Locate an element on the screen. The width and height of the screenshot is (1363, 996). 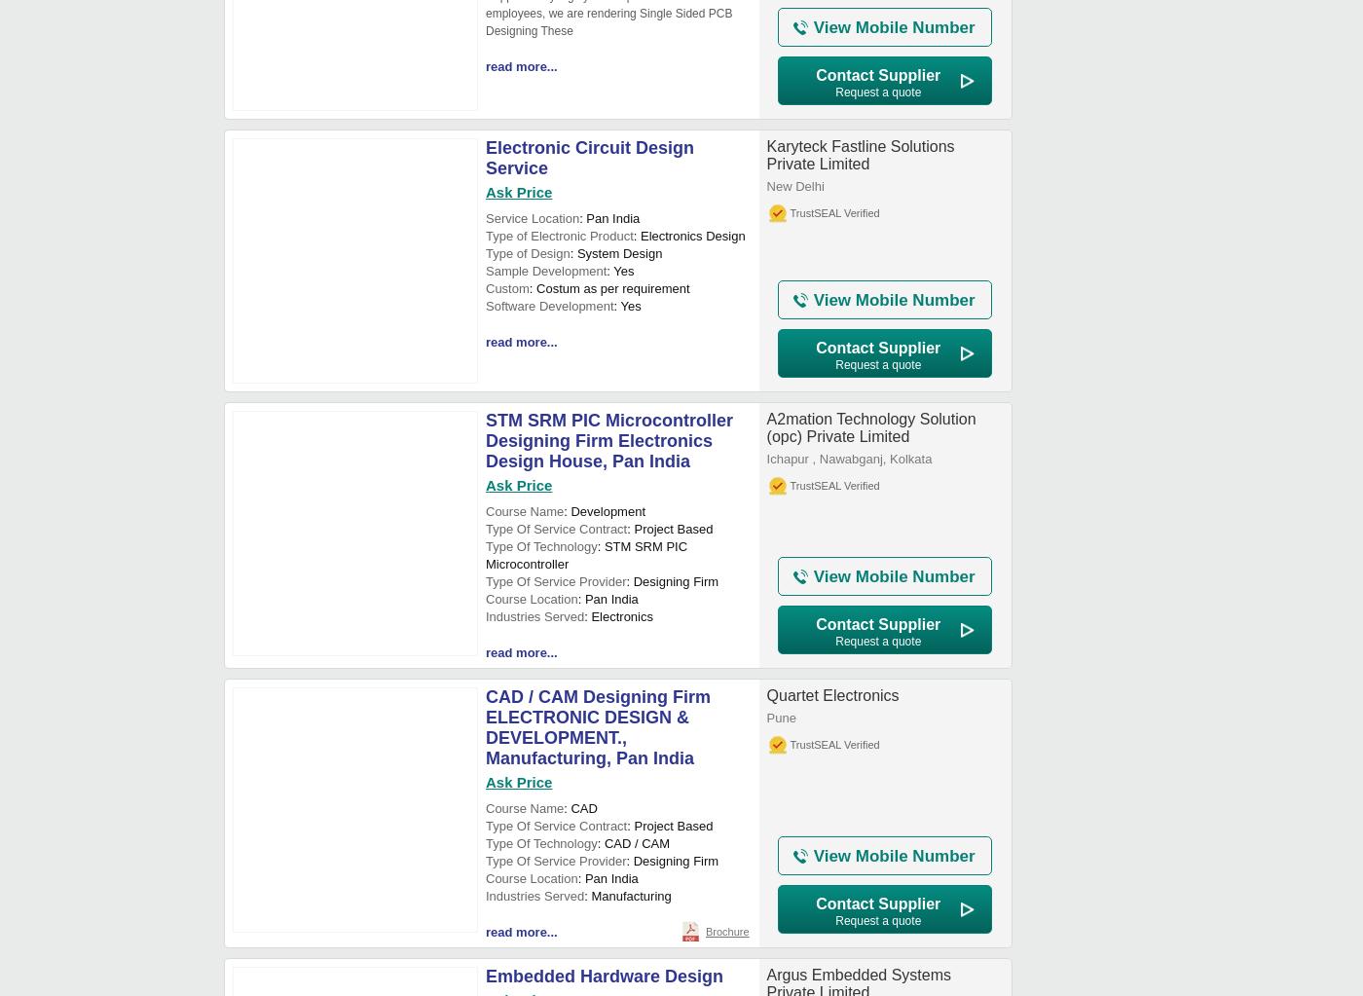
'Electronic Circuit Design Service' is located at coordinates (590, 158).